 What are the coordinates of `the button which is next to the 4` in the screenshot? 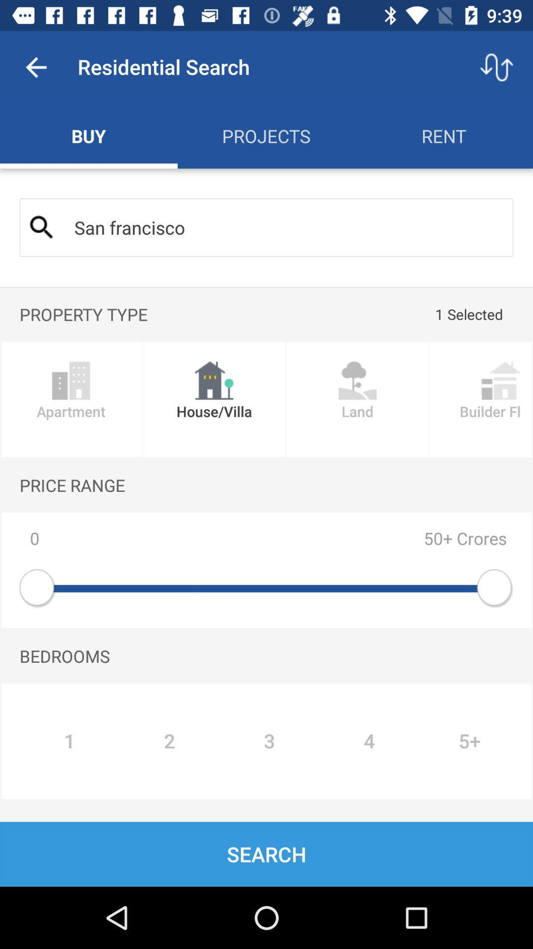 It's located at (469, 741).